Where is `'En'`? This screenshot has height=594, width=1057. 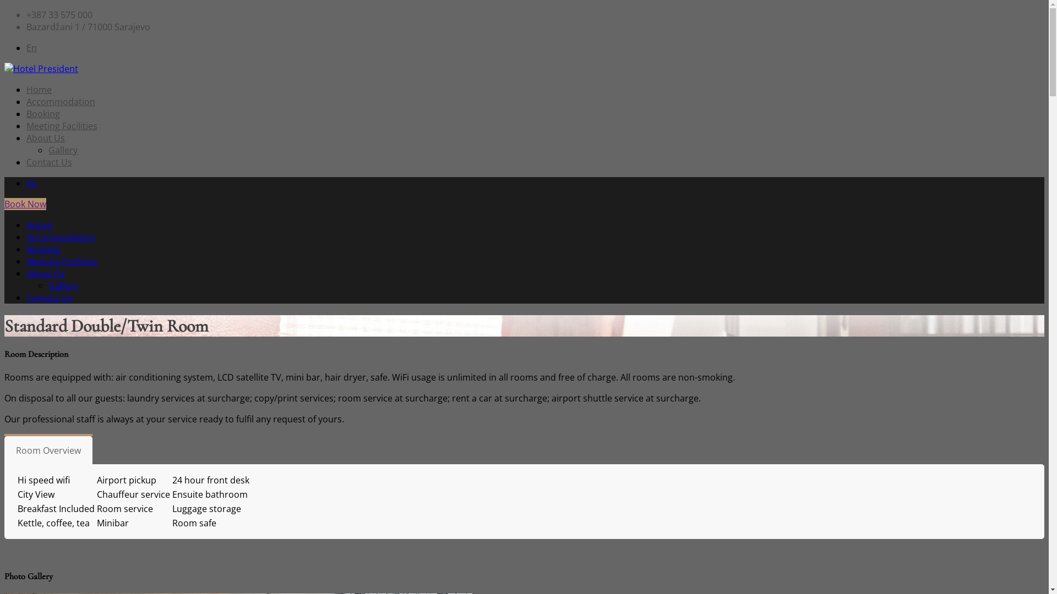
'En' is located at coordinates (31, 182).